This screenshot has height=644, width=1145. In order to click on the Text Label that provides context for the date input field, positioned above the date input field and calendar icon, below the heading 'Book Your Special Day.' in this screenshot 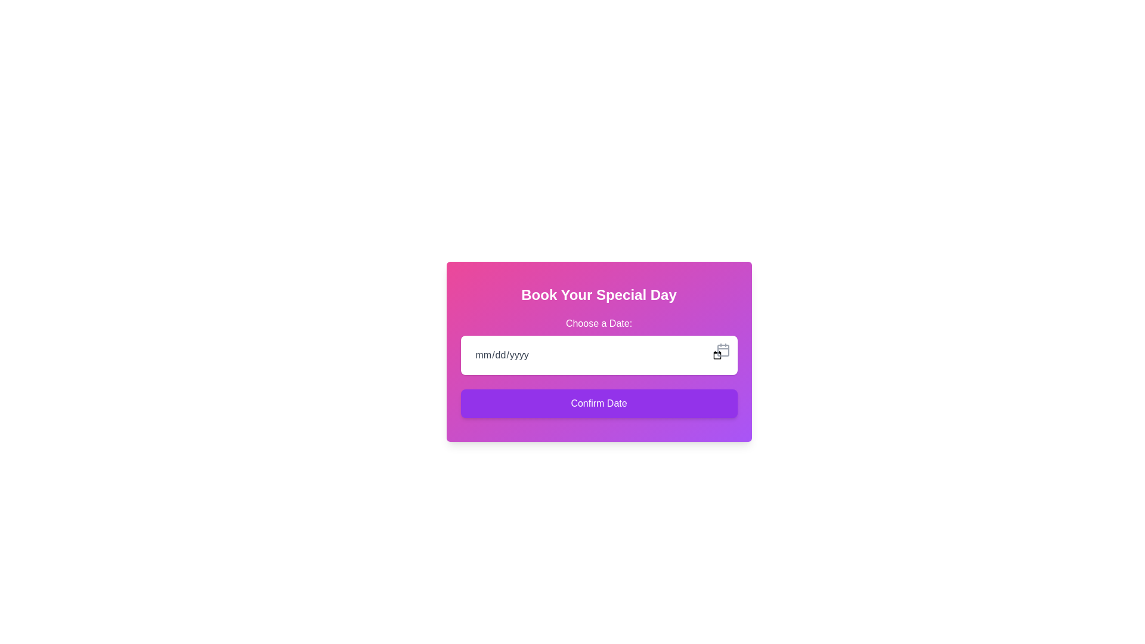, I will do `click(599, 324)`.